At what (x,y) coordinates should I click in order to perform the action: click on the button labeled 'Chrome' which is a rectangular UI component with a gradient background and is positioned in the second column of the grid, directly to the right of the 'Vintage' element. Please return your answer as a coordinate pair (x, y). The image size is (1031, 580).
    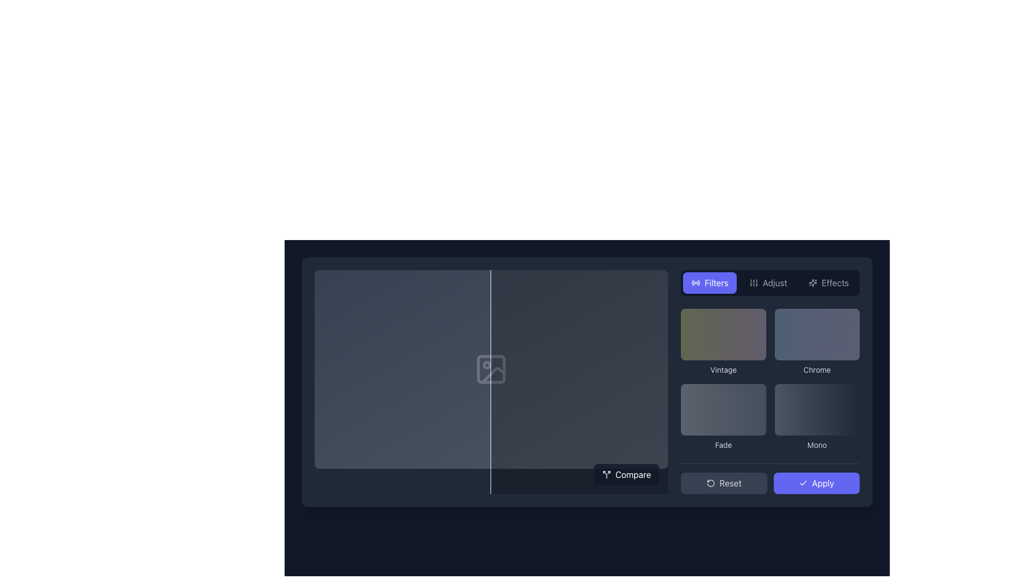
    Looking at the image, I should click on (816, 342).